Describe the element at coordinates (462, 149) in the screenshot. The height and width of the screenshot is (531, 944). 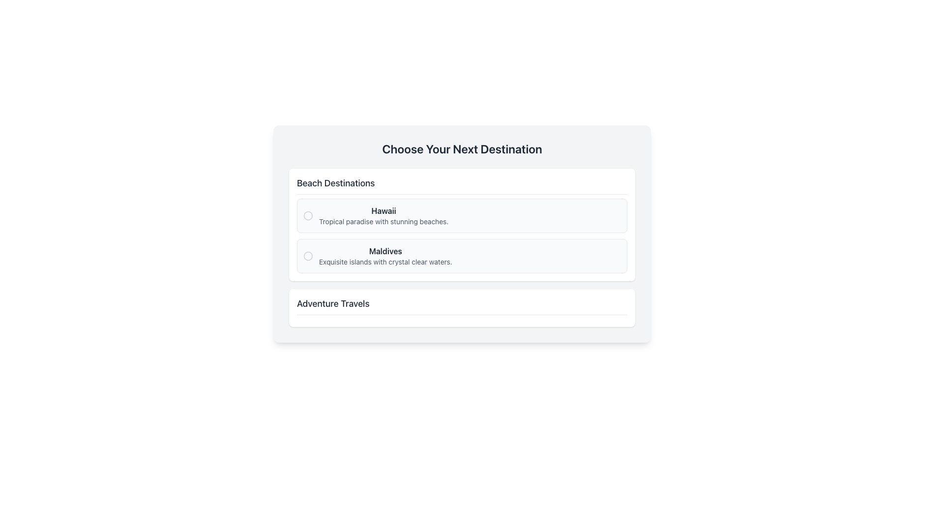
I see `the text header that reads 'Choose Your Next Destination', which is styled in bold and large font, located at the top center of the content card` at that location.